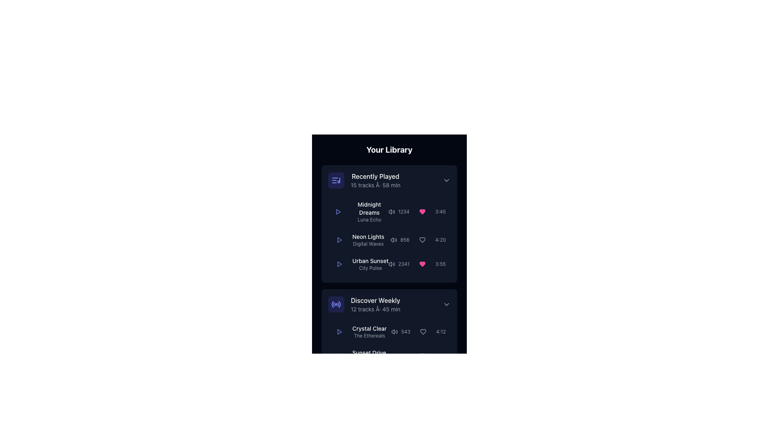 The image size is (774, 435). What do you see at coordinates (336, 180) in the screenshot?
I see `the music list icon, which is prominently indigo and located in the top-left corner of the 'Recently Played' card` at bounding box center [336, 180].